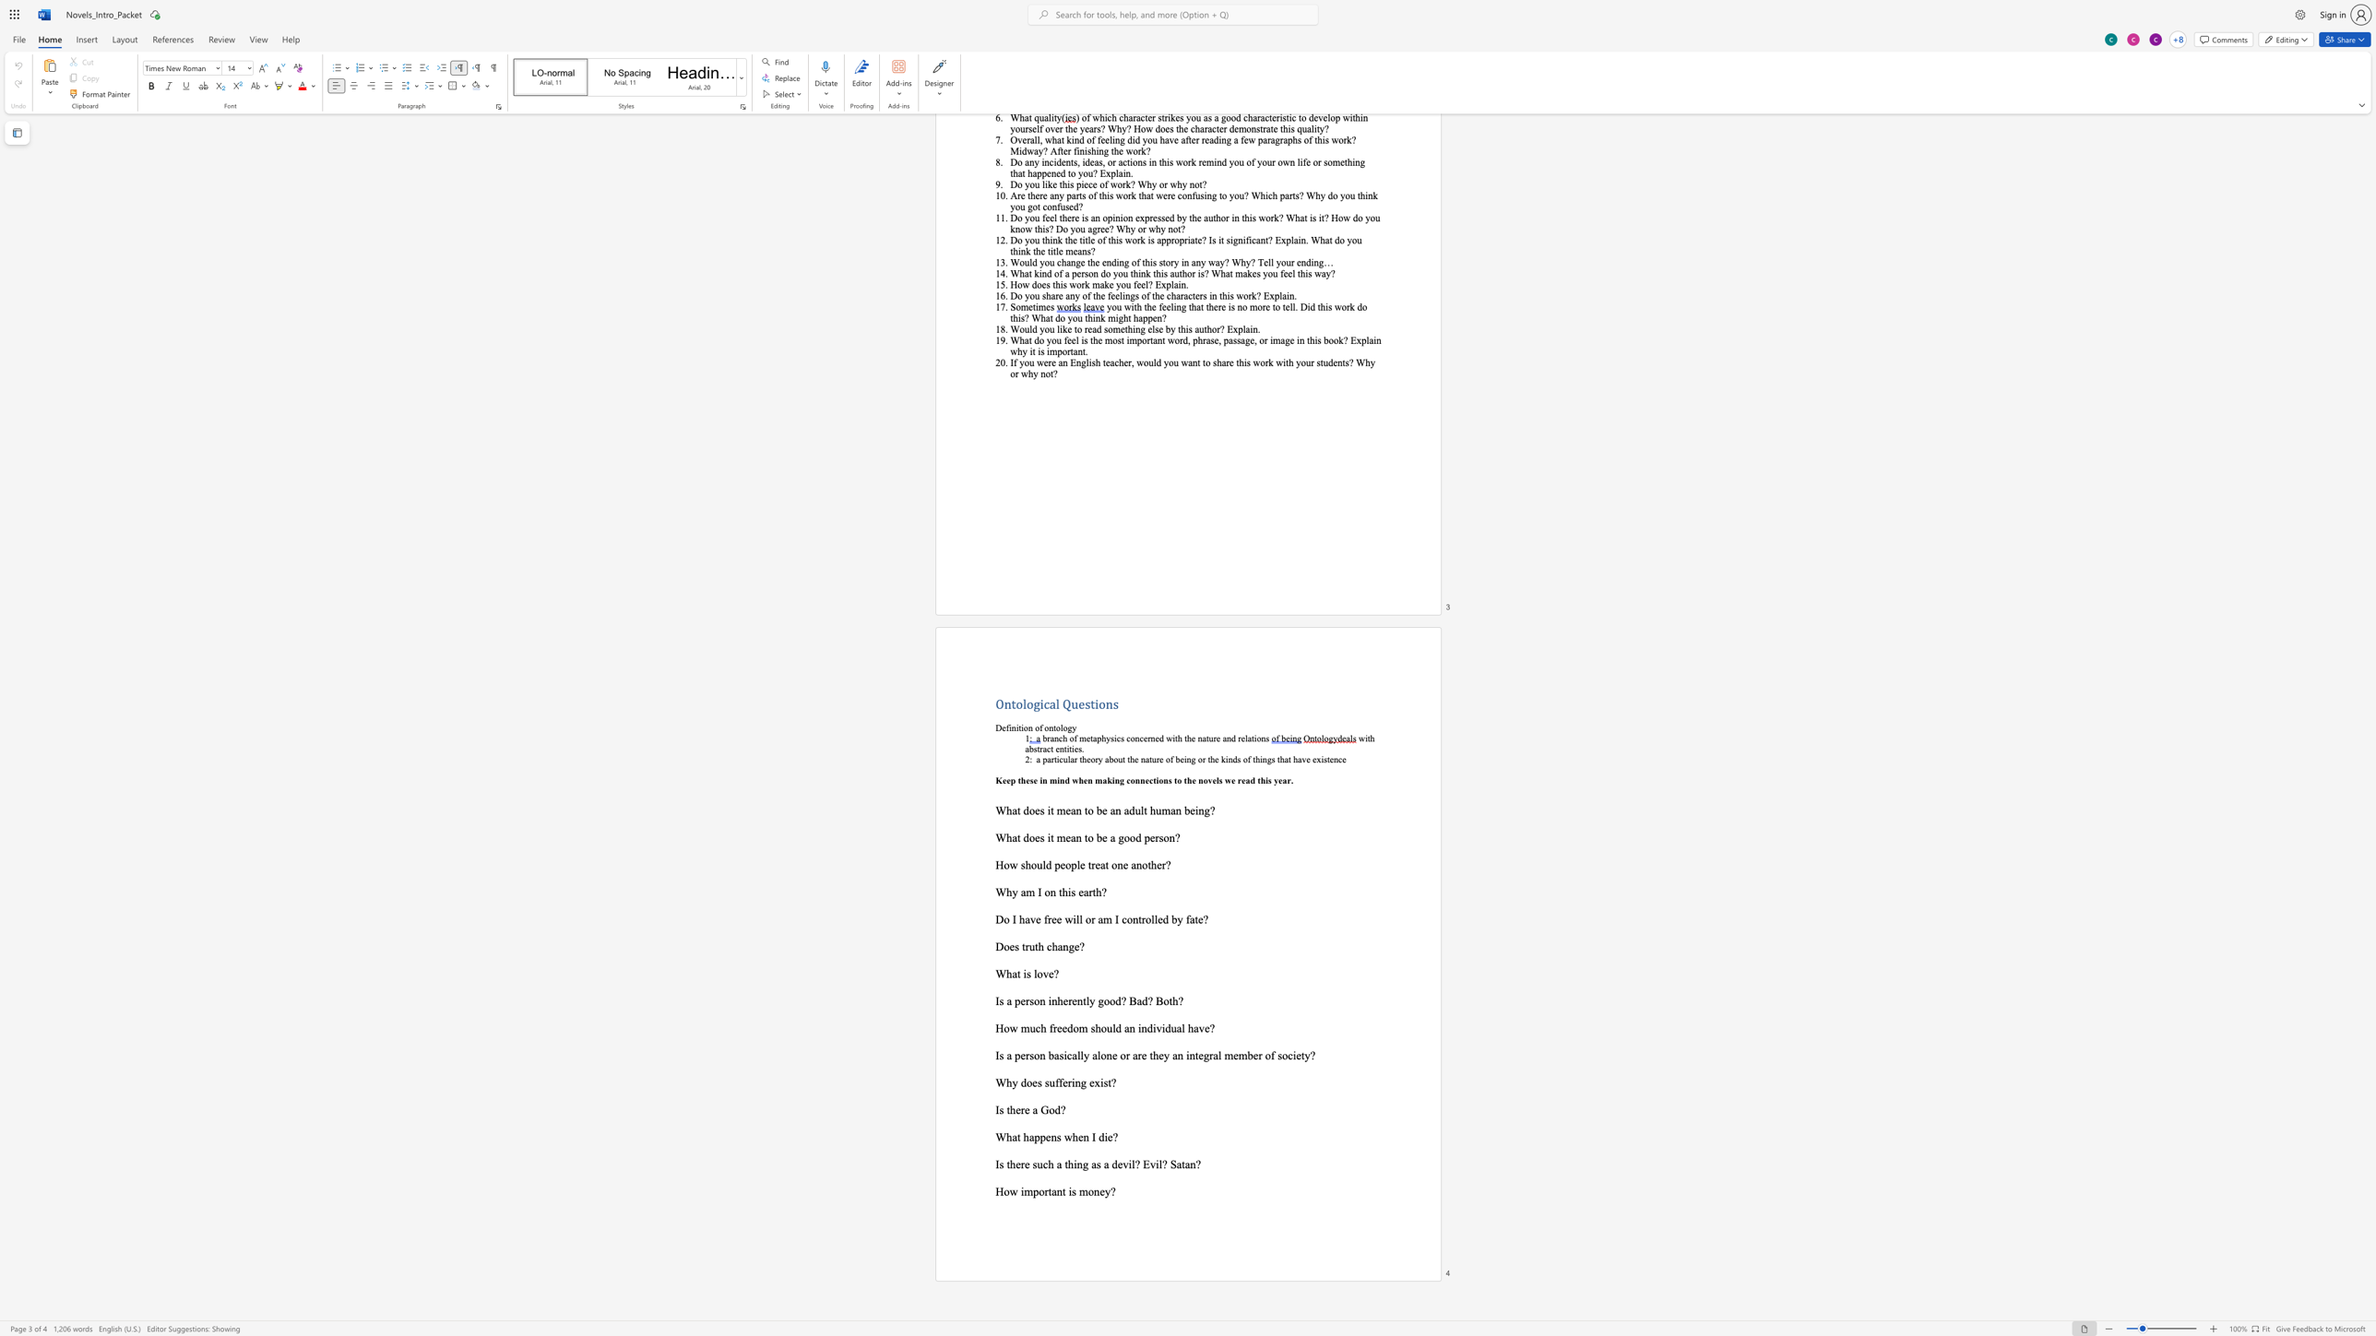 Image resolution: width=2376 pixels, height=1336 pixels. Describe the element at coordinates (1141, 1055) in the screenshot. I see `the space between the continuous character "r" and "e" in the text` at that location.